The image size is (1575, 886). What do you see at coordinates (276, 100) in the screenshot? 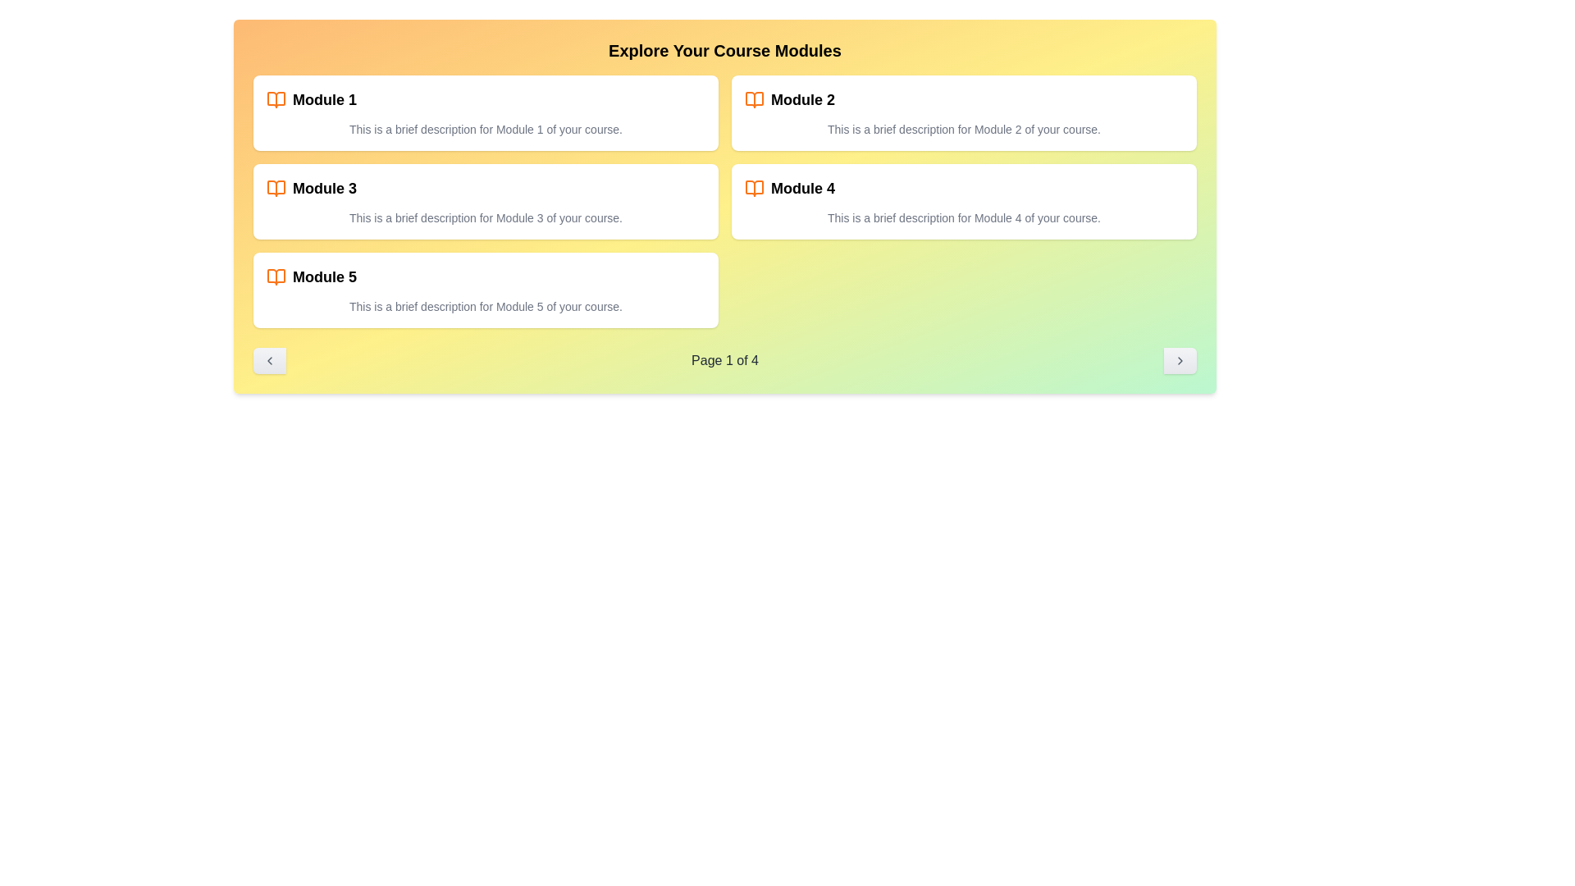
I see `the open book icon representing Module 1, which is positioned at the beginning of the row for educational content` at bounding box center [276, 100].